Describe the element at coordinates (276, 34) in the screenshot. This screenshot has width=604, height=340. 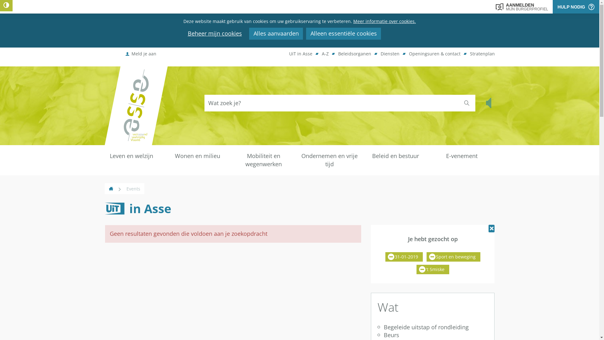
I see `'Alles aanvaarden'` at that location.